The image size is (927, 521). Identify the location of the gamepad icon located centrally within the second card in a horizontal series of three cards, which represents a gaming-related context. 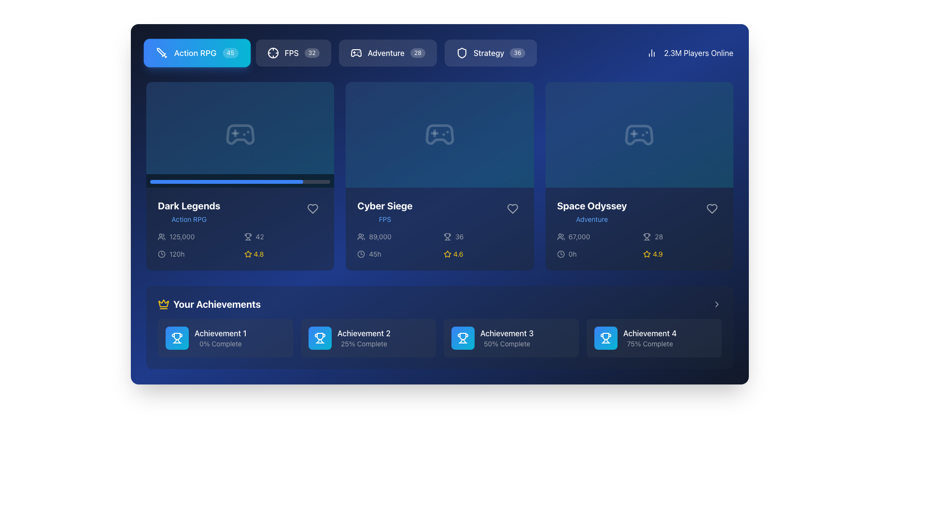
(439, 135).